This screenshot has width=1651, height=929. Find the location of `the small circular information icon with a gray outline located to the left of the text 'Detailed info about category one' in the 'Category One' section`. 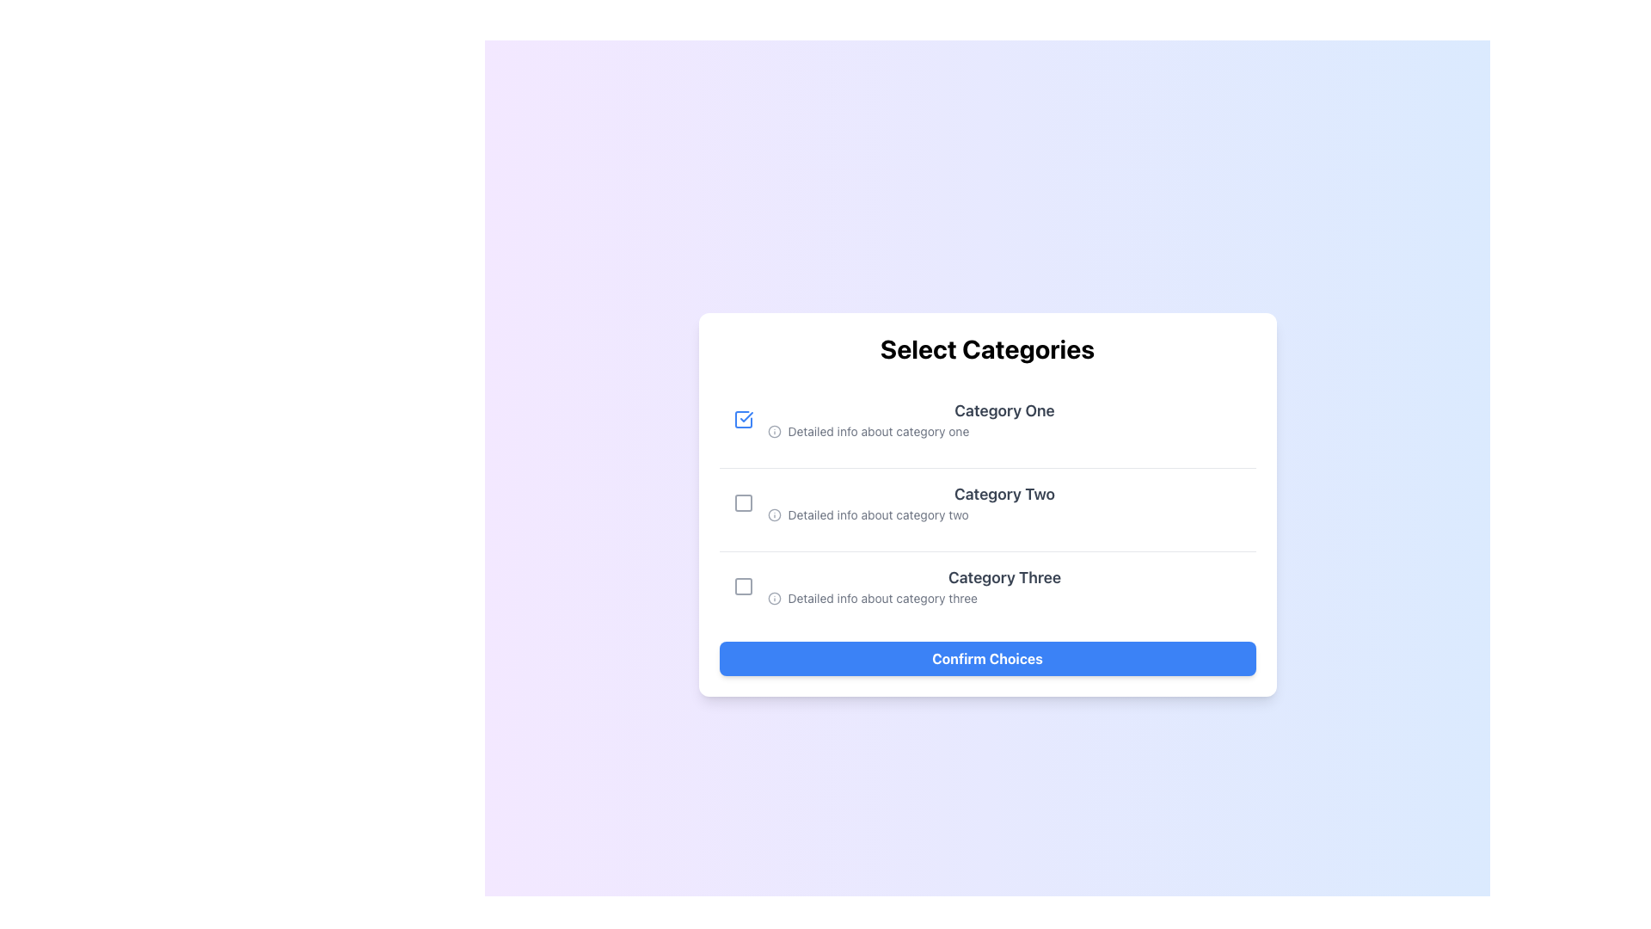

the small circular information icon with a gray outline located to the left of the text 'Detailed info about category one' in the 'Category One' section is located at coordinates (773, 430).